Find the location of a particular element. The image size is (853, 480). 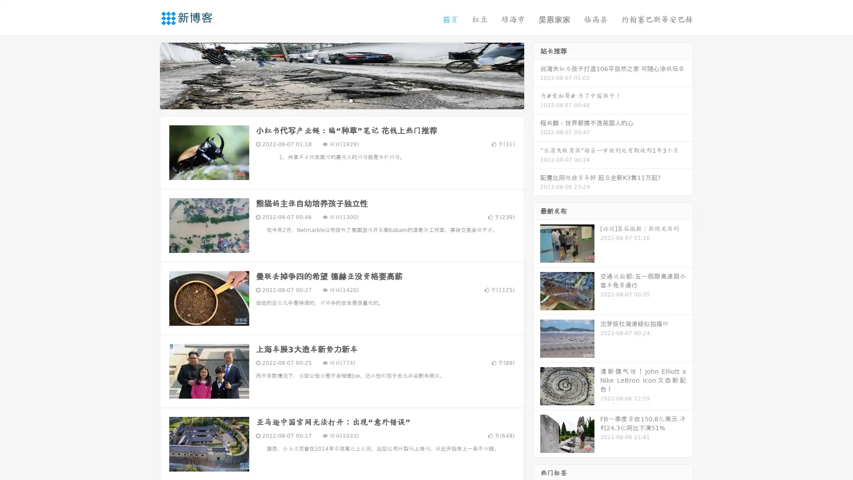

Go to slide 3 is located at coordinates (351, 100).